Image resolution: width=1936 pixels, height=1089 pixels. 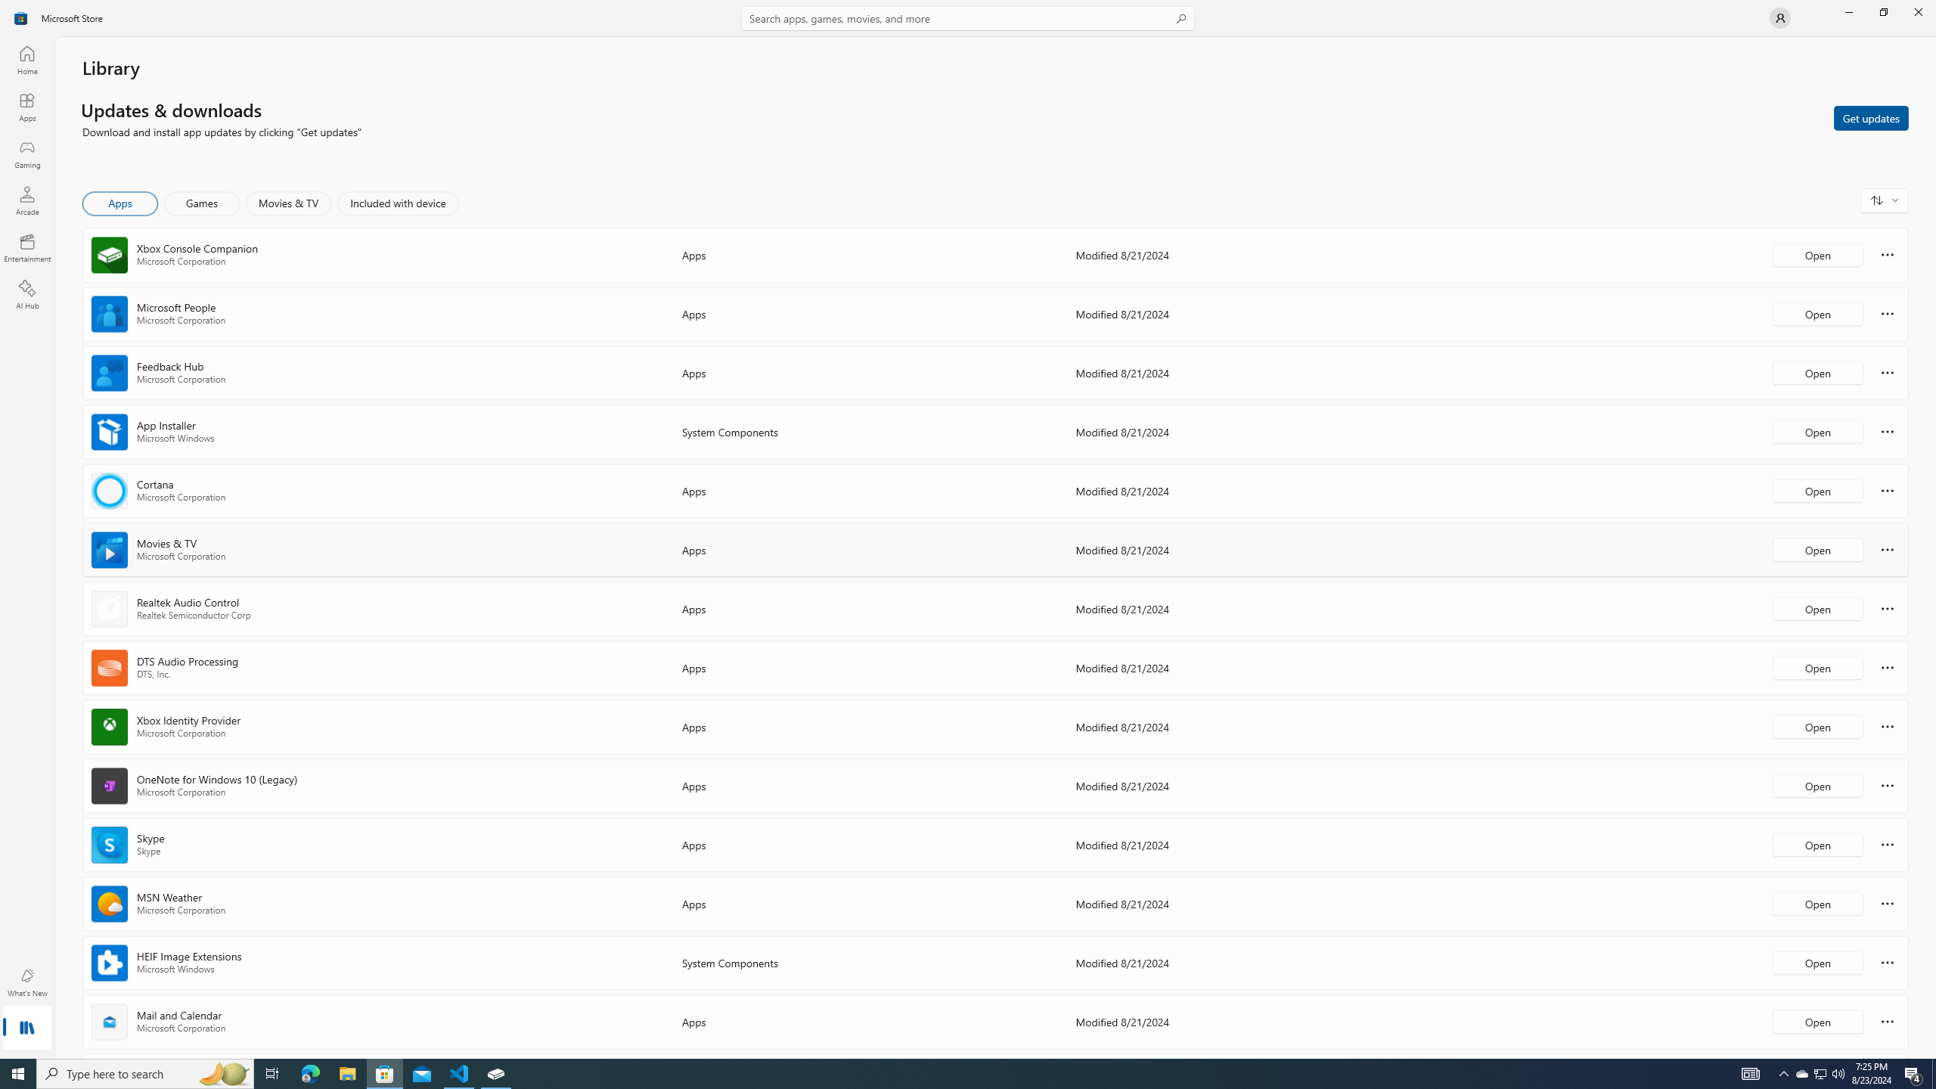 What do you see at coordinates (201, 203) in the screenshot?
I see `'Games'` at bounding box center [201, 203].